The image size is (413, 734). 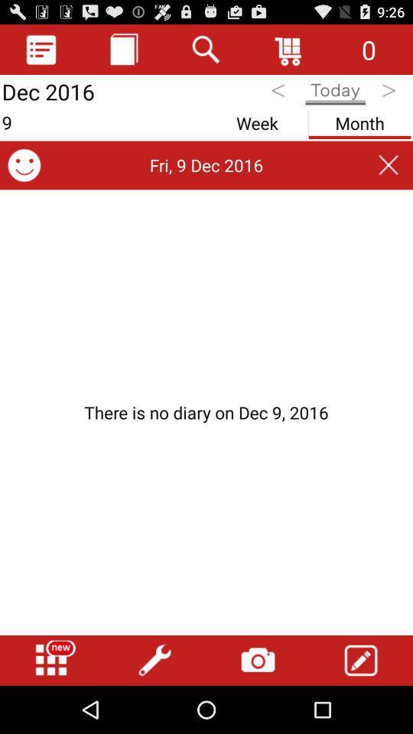 What do you see at coordinates (206, 411) in the screenshot?
I see `warning light` at bounding box center [206, 411].